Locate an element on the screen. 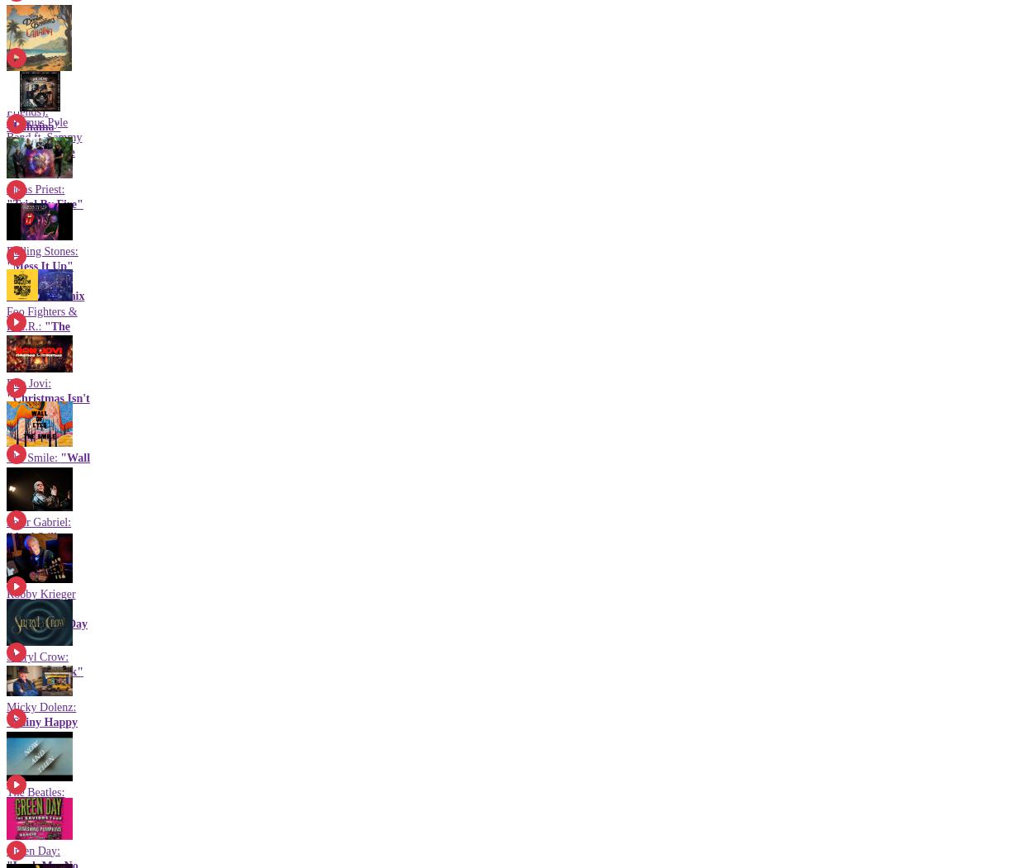 Image resolution: width=1014 pixels, height=868 pixels. 'Peter Gabriel:' is located at coordinates (38, 521).